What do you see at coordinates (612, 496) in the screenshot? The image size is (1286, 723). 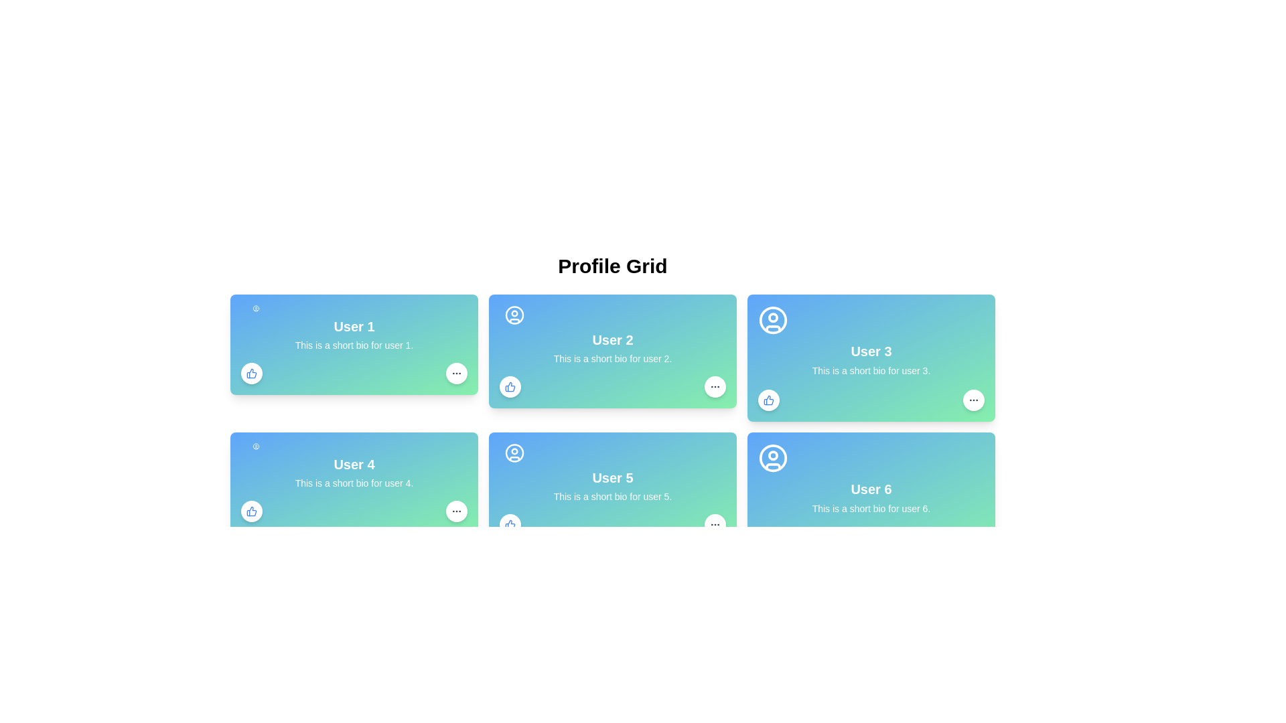 I see `description text located in the Text block below the 'User 5' title within the fifth profile card in the grid layout` at bounding box center [612, 496].